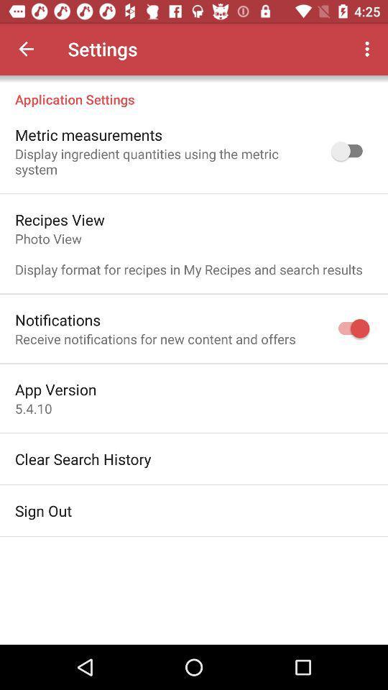 Image resolution: width=388 pixels, height=690 pixels. What do you see at coordinates (83, 458) in the screenshot?
I see `clear search history` at bounding box center [83, 458].